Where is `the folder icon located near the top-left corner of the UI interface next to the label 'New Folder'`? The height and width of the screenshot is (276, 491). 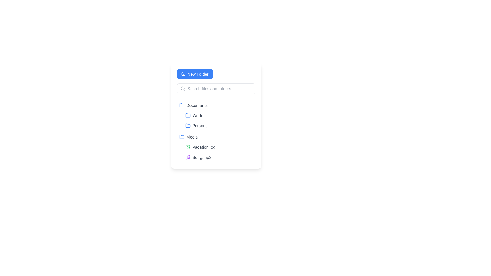 the folder icon located near the top-left corner of the UI interface next to the label 'New Folder' is located at coordinates (183, 74).